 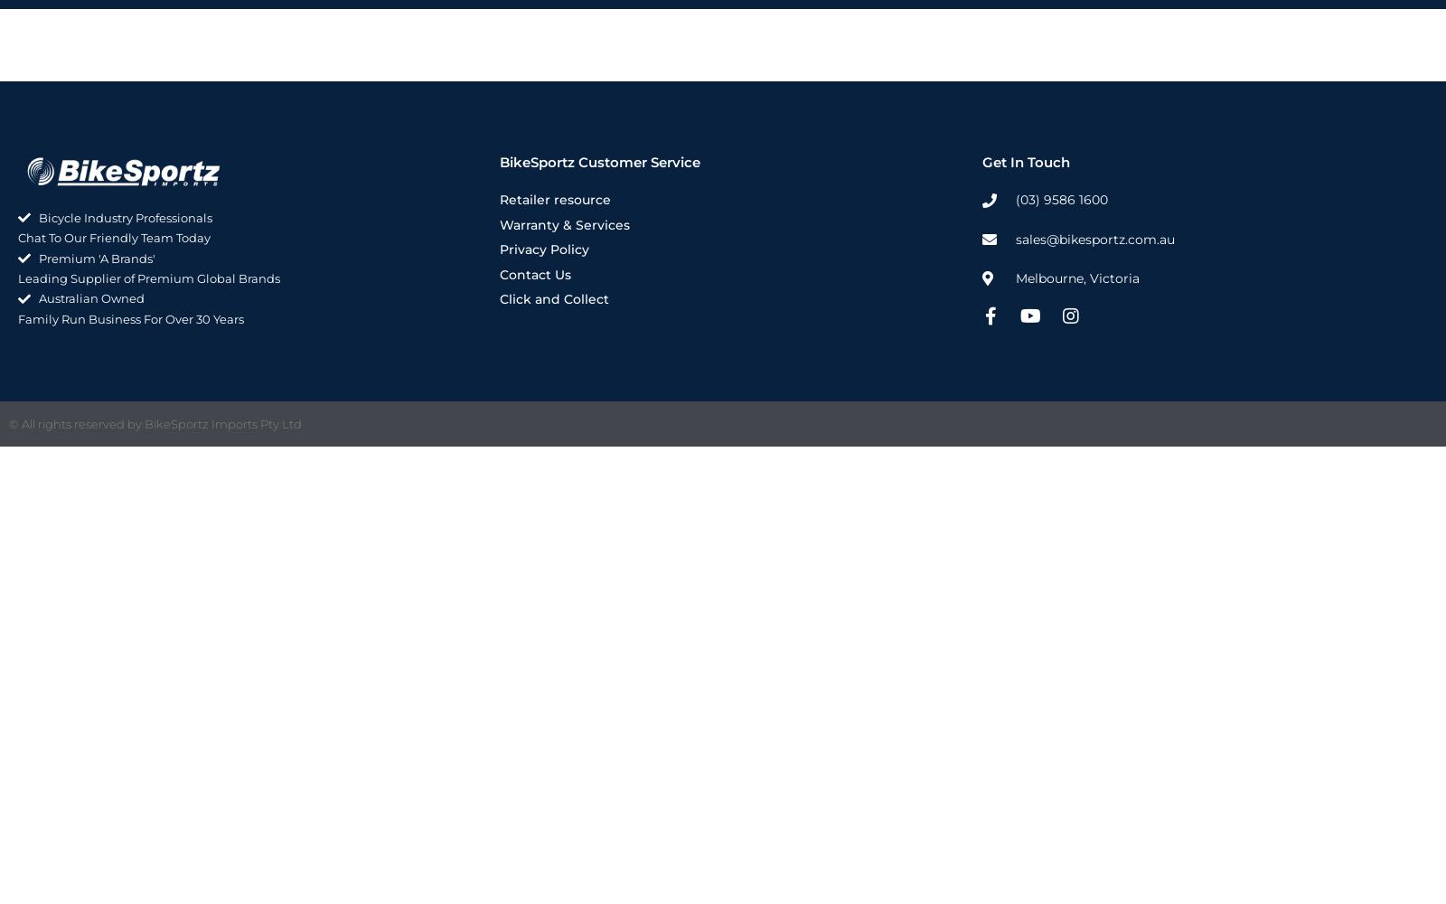 What do you see at coordinates (555, 199) in the screenshot?
I see `'Retailer resource'` at bounding box center [555, 199].